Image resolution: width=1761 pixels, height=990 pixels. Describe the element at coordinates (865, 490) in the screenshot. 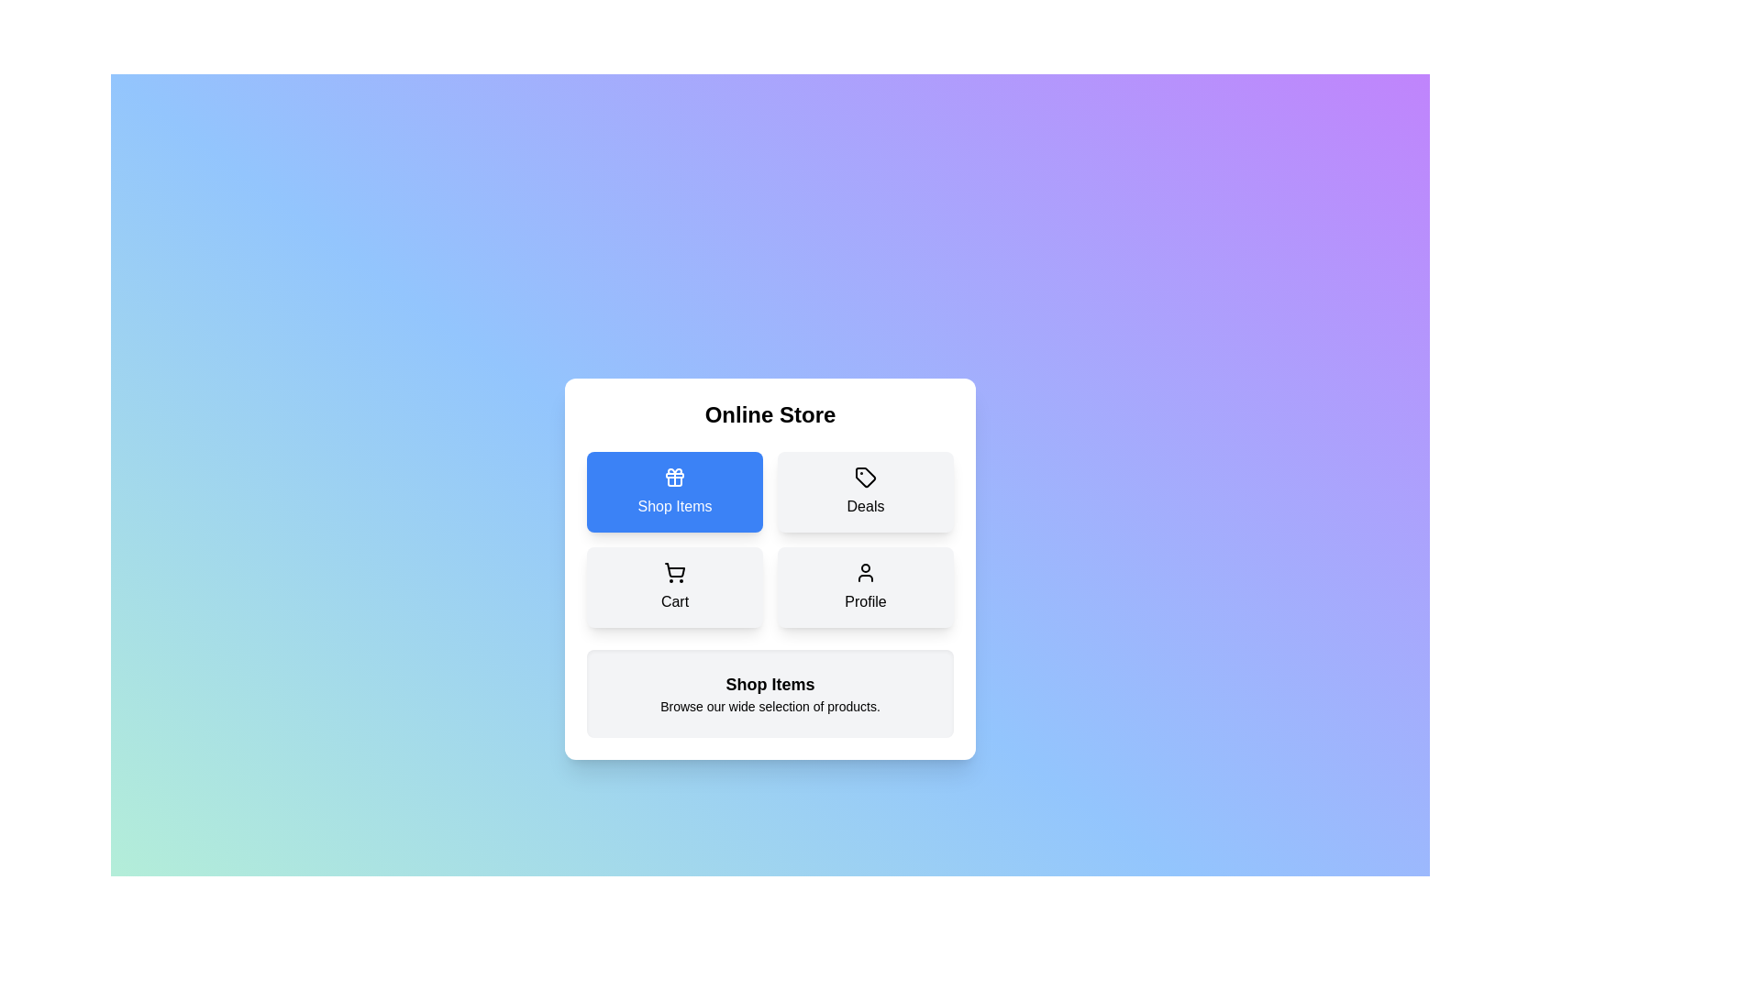

I see `the tab Deals by clicking on its respective button` at that location.